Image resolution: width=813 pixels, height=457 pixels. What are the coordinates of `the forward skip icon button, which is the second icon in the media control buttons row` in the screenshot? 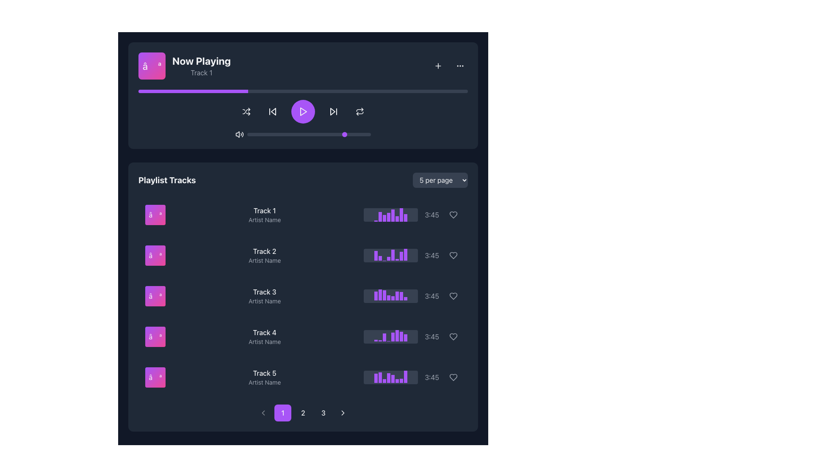 It's located at (333, 111).